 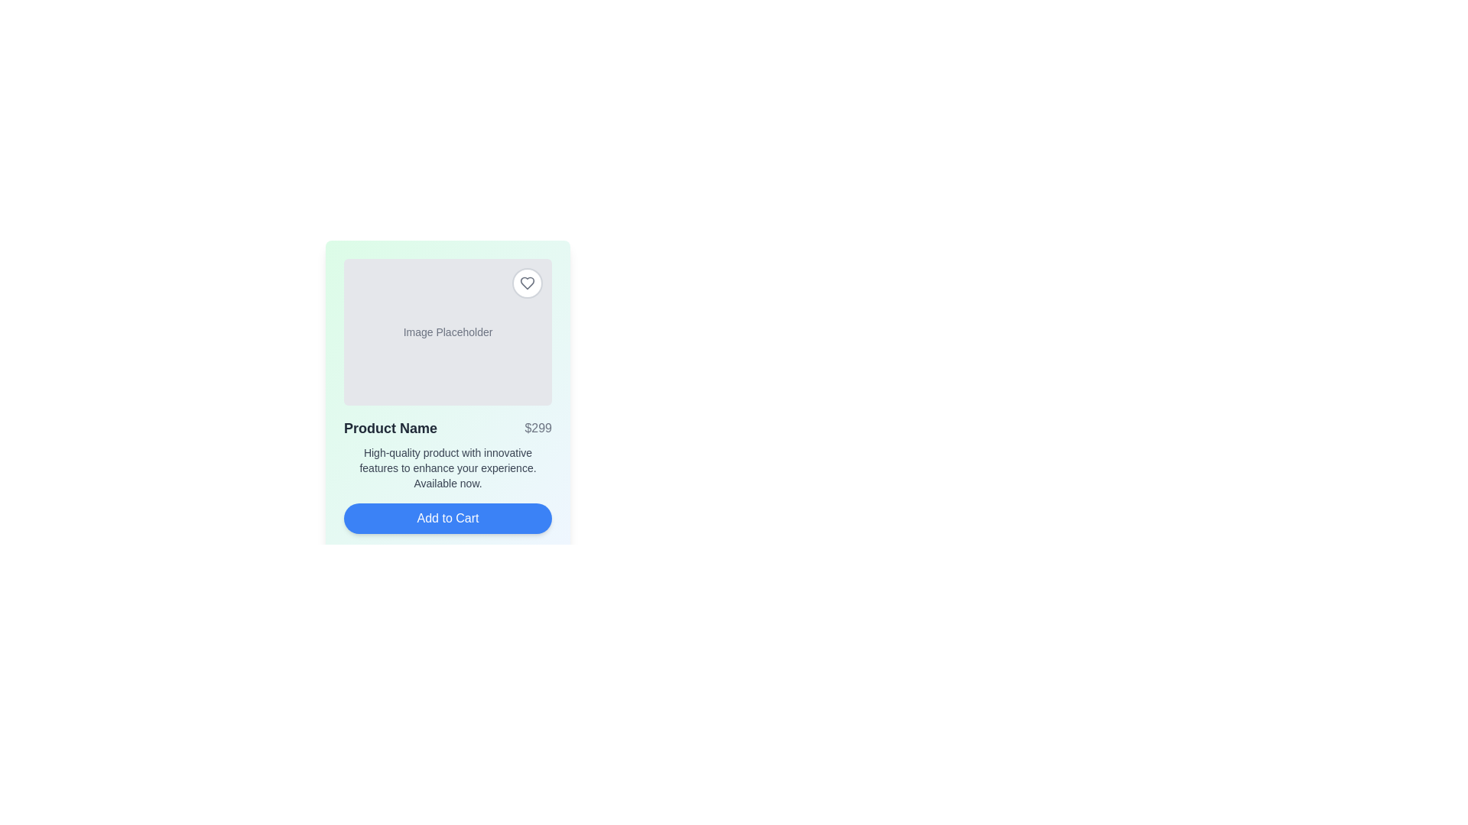 I want to click on text element that describes the product features, which is centrally aligned, in gray serif font, located below the product name and price, and above the 'Add to Cart' button, so click(x=447, y=467).